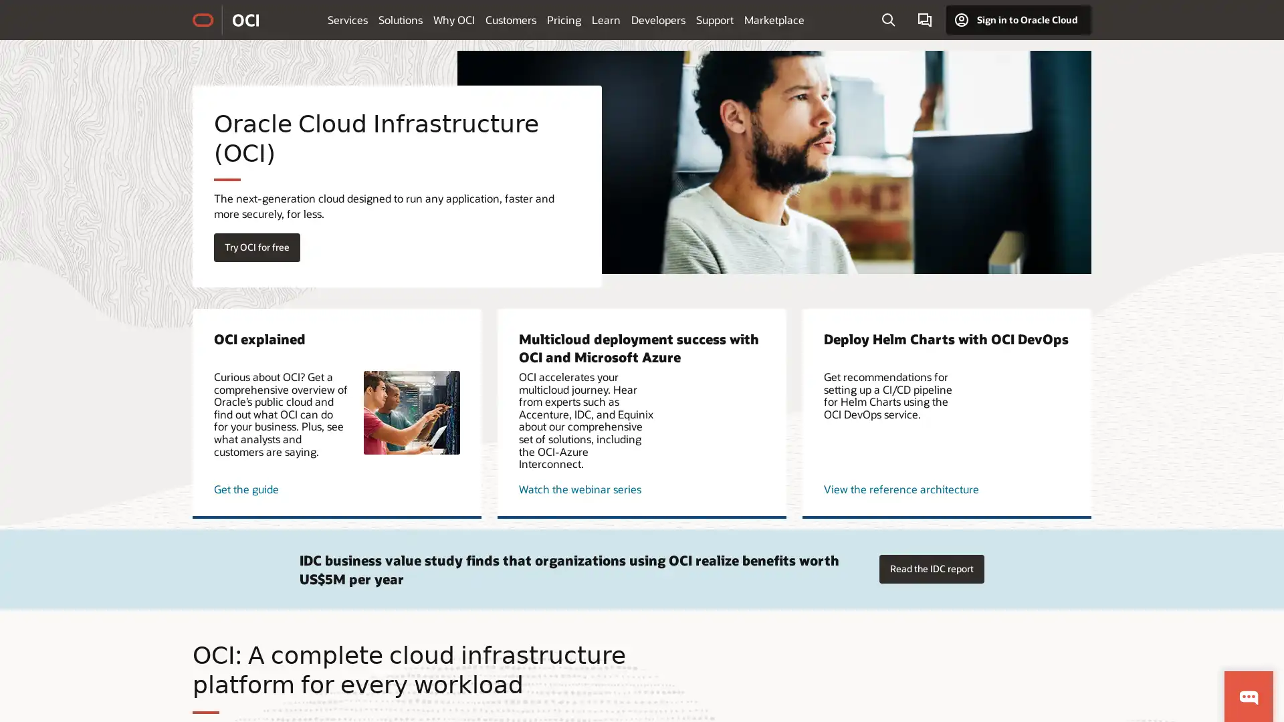 The image size is (1284, 722). What do you see at coordinates (774, 19) in the screenshot?
I see `Marketplace` at bounding box center [774, 19].